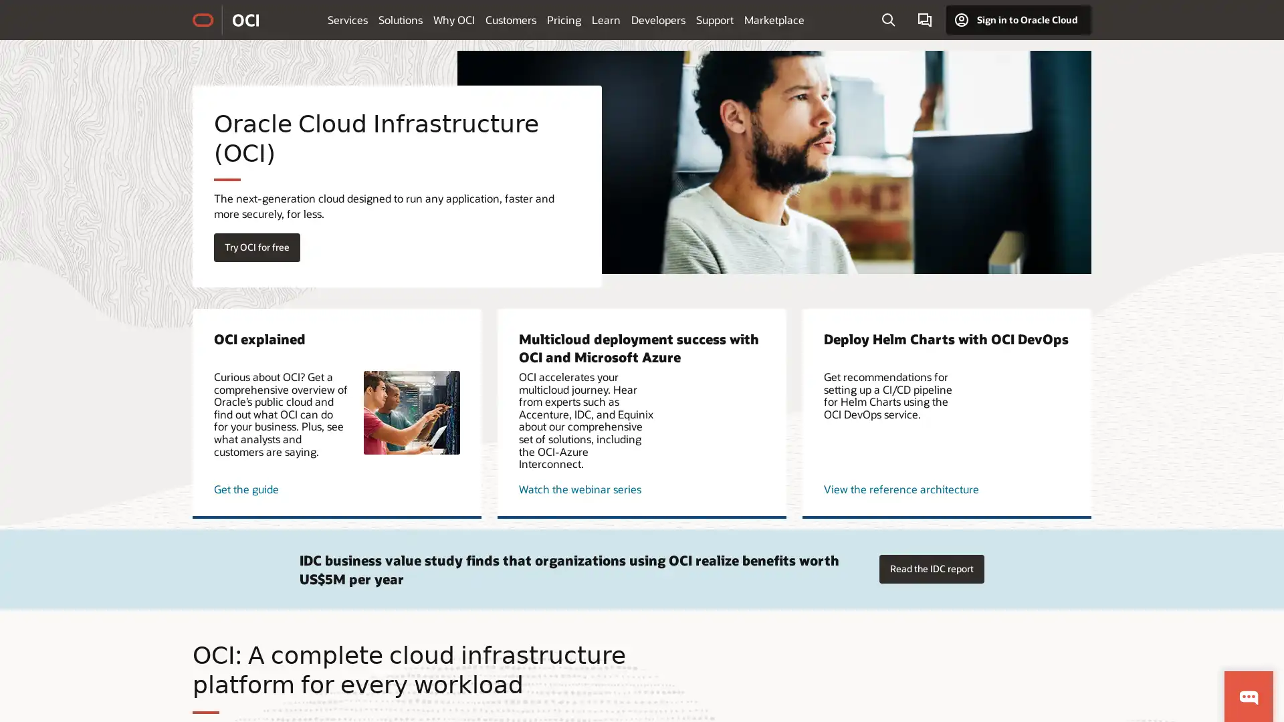 The image size is (1284, 722). What do you see at coordinates (774, 19) in the screenshot?
I see `Marketplace` at bounding box center [774, 19].